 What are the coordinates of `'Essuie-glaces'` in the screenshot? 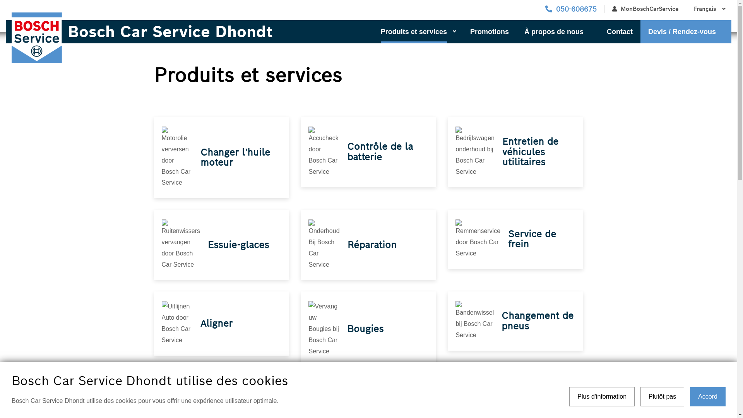 It's located at (238, 245).